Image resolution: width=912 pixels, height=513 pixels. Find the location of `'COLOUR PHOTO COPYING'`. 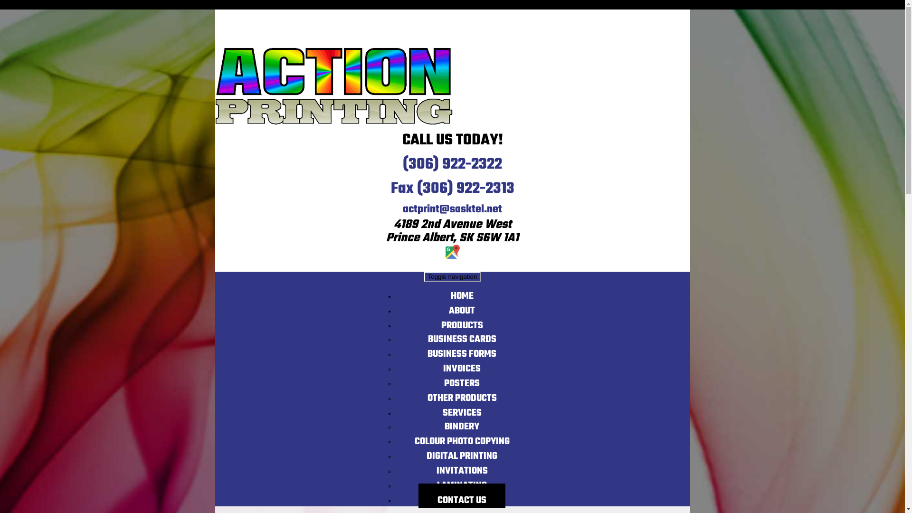

'COLOUR PHOTO COPYING' is located at coordinates (462, 437).